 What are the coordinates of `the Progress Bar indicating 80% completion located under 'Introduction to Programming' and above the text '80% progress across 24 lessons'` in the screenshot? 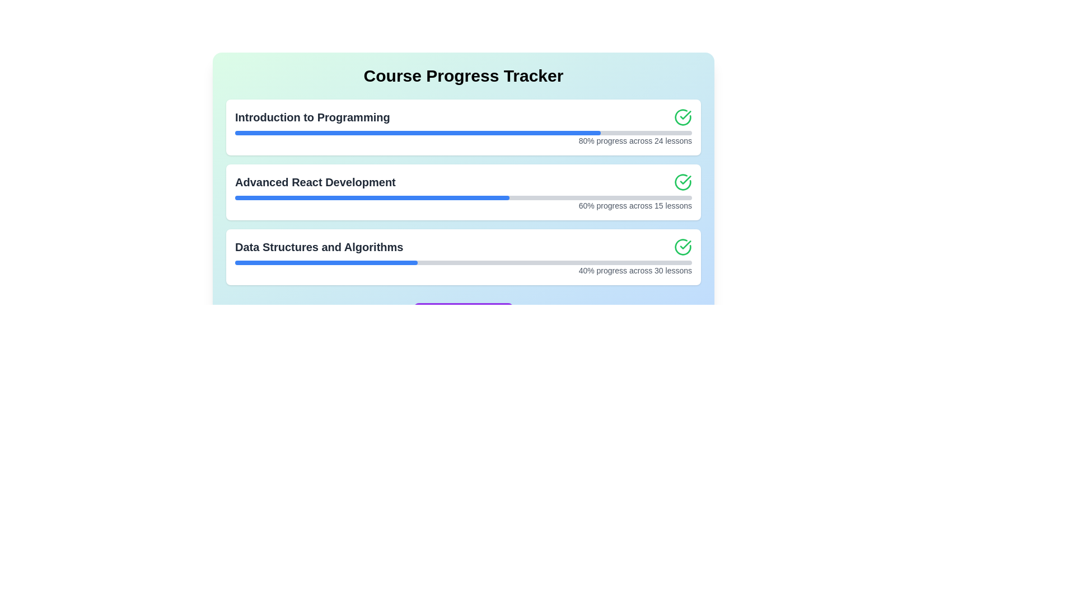 It's located at (464, 133).